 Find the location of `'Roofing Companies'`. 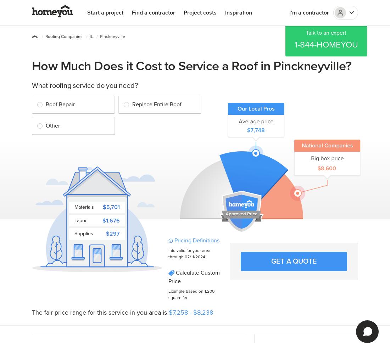

'Roofing Companies' is located at coordinates (63, 36).